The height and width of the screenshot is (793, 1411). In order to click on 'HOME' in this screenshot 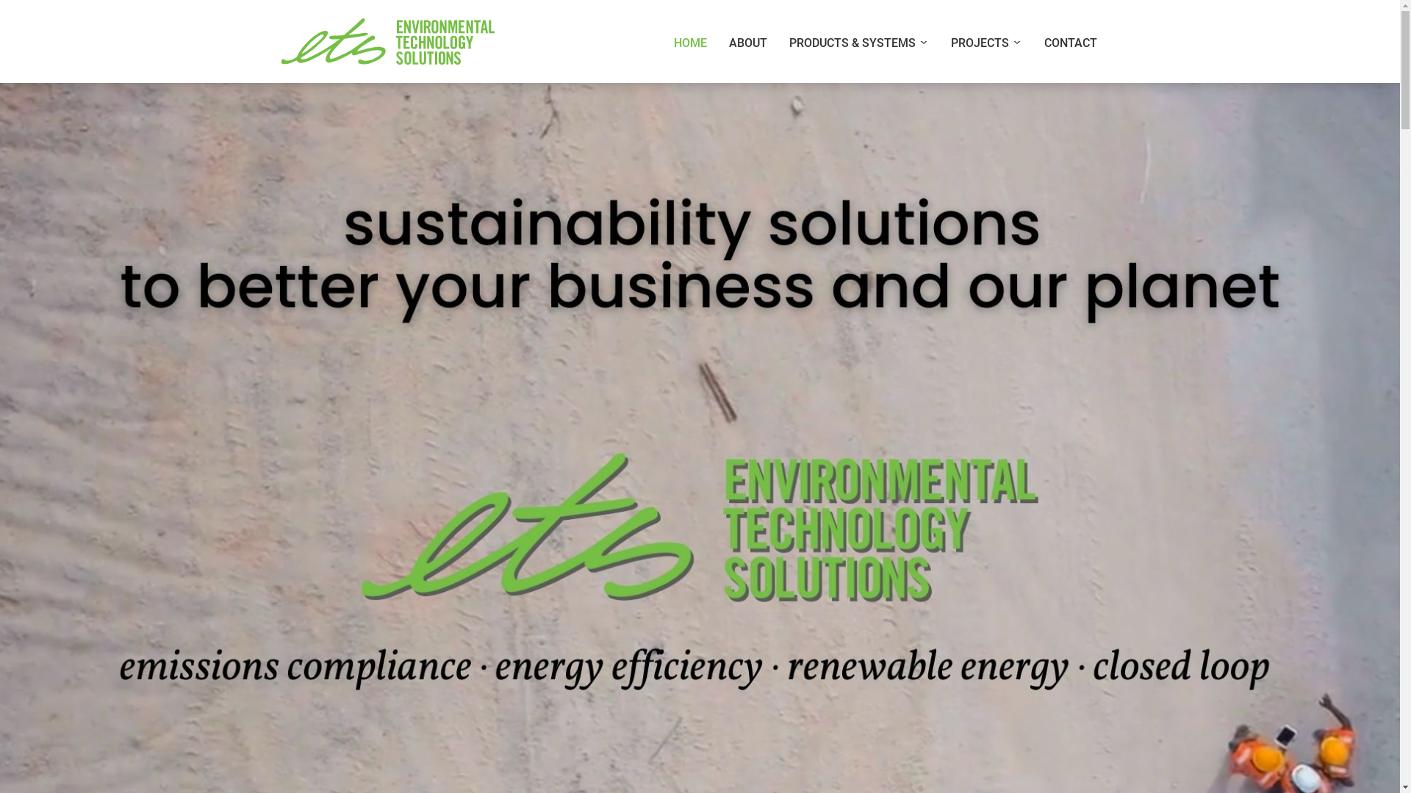, I will do `click(689, 42)`.